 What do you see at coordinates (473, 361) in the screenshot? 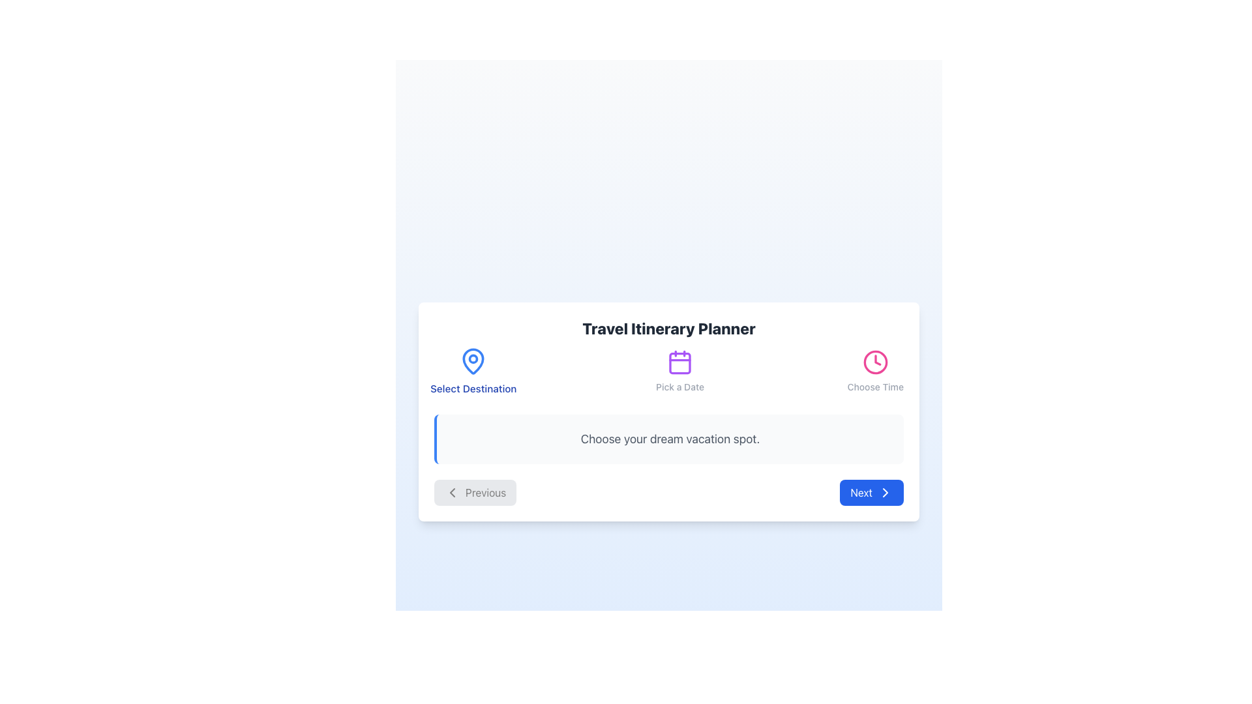
I see `the icon representing the action of selecting a location or destination, located within the 'Travel Itinerary Planner' card, above 'Select Destination' and aligned to the left of the other options` at bounding box center [473, 361].